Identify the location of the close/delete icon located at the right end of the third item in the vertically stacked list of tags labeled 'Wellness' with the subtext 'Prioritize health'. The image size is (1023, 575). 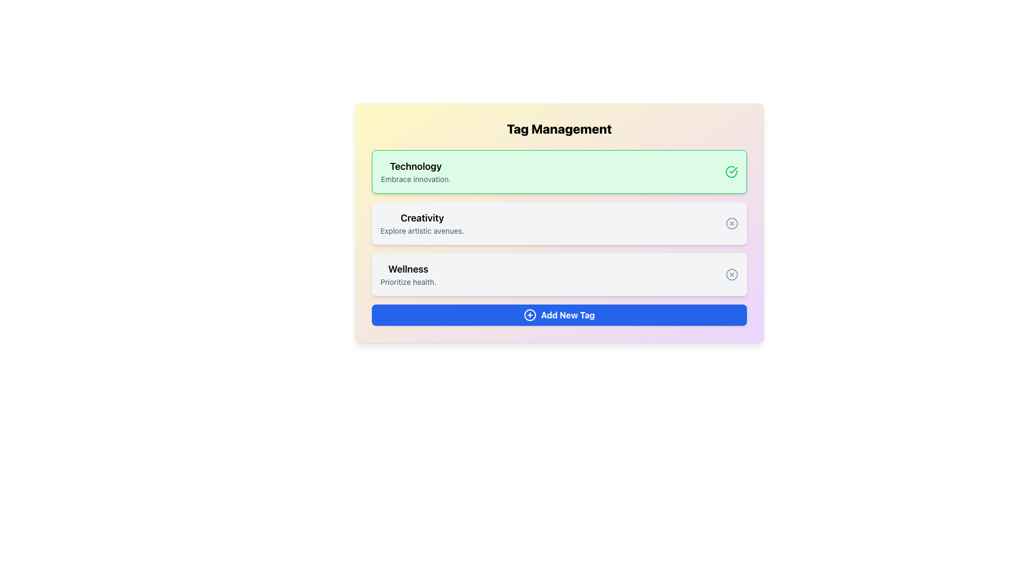
(731, 274).